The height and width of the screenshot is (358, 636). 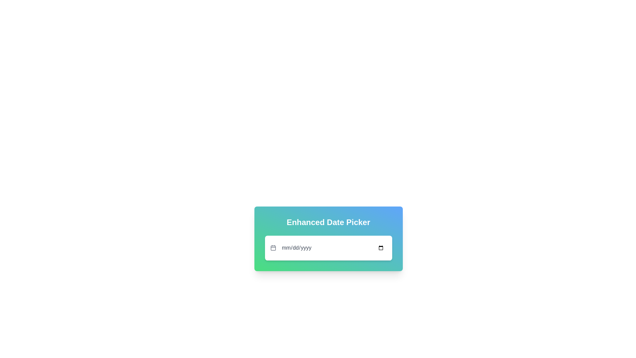 I want to click on the calendar-style icon located to the left of the date picker input labeled 'mm/dd/yyyy', so click(x=273, y=248).